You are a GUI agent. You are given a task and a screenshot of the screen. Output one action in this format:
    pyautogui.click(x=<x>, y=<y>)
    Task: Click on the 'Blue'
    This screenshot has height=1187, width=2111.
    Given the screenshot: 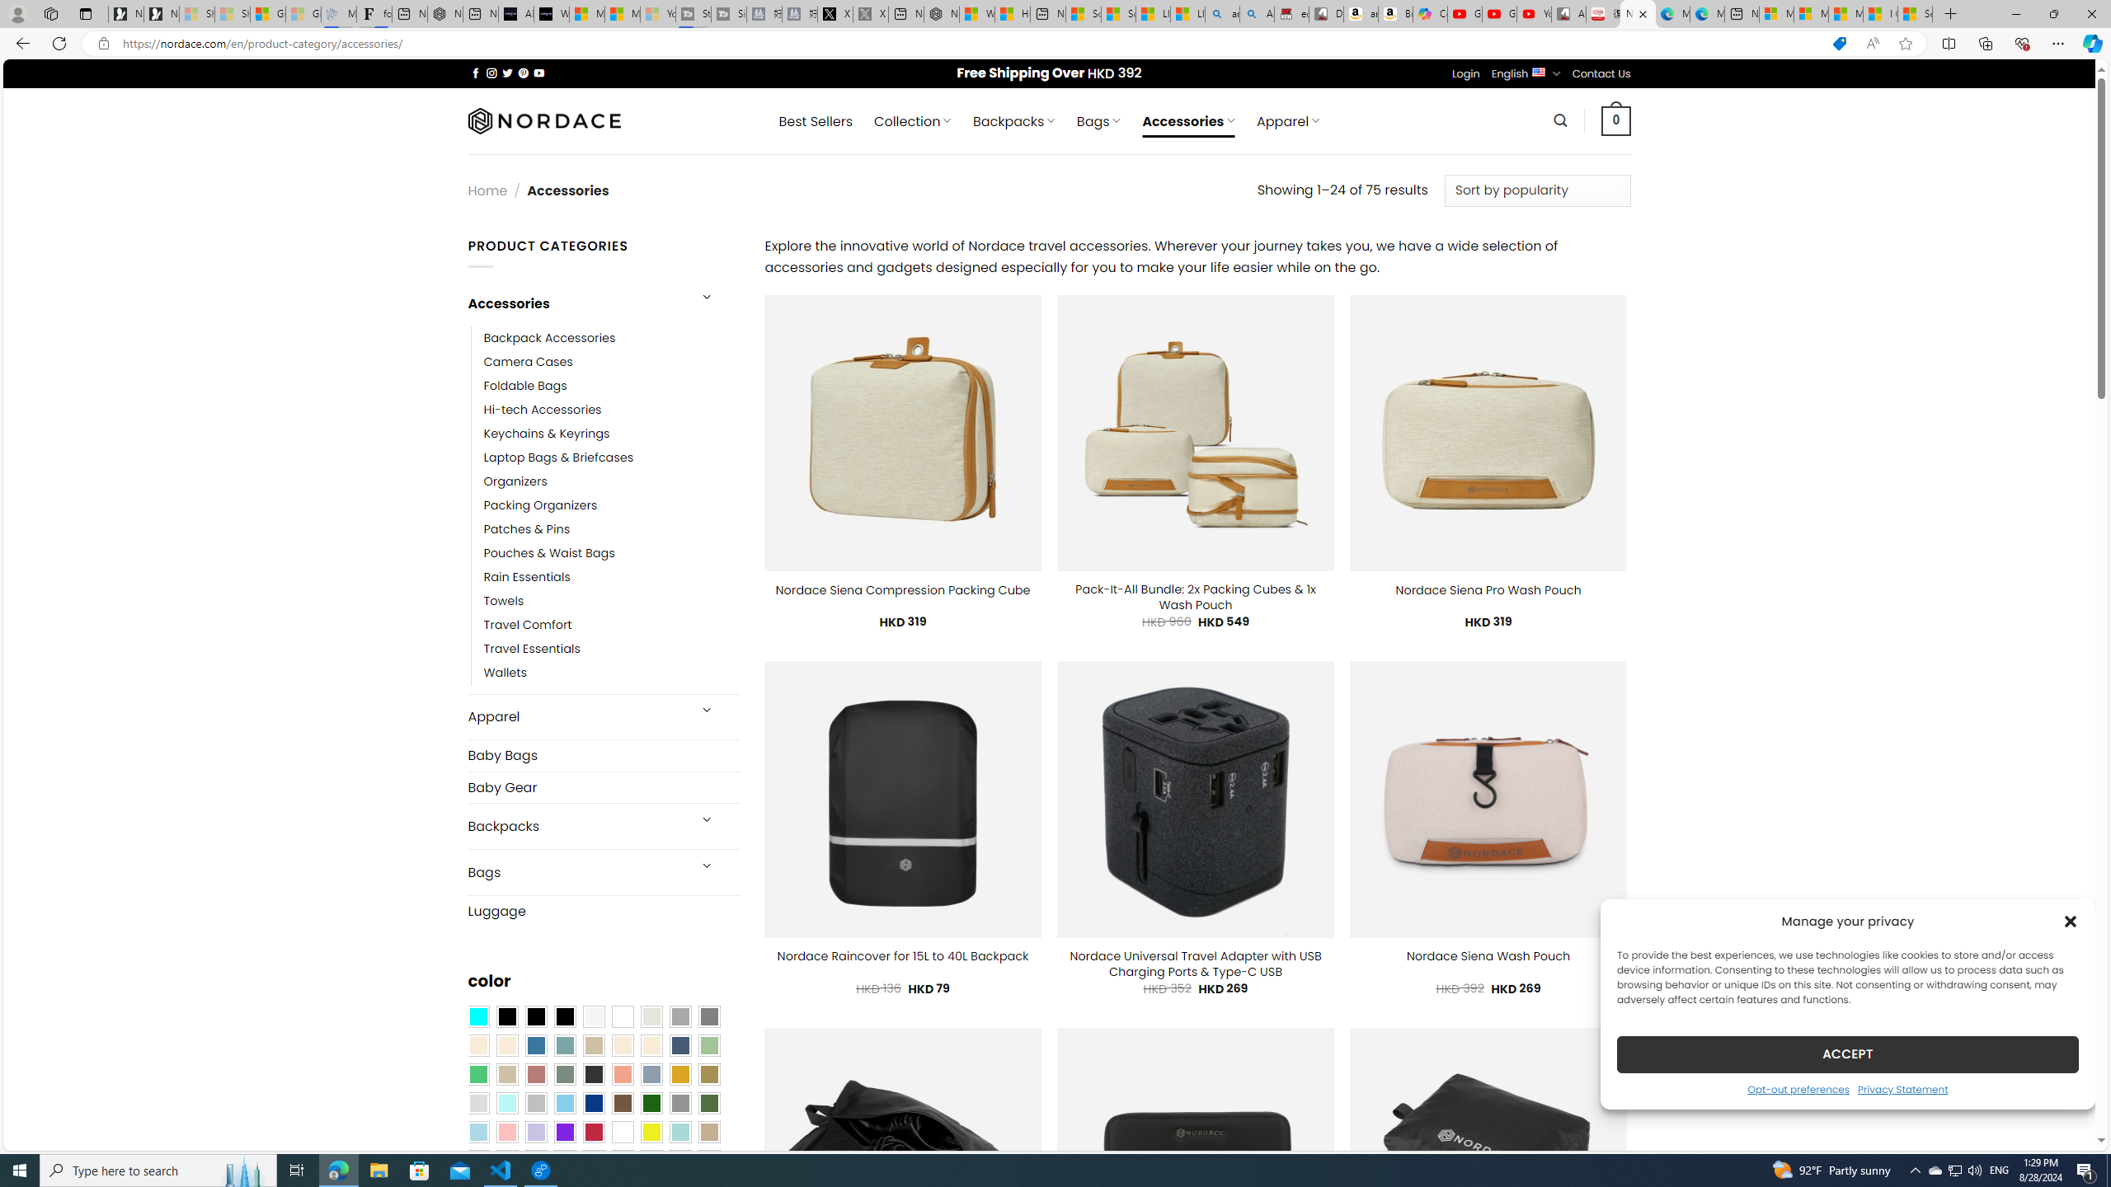 What is the action you would take?
    pyautogui.click(x=535, y=1044)
    